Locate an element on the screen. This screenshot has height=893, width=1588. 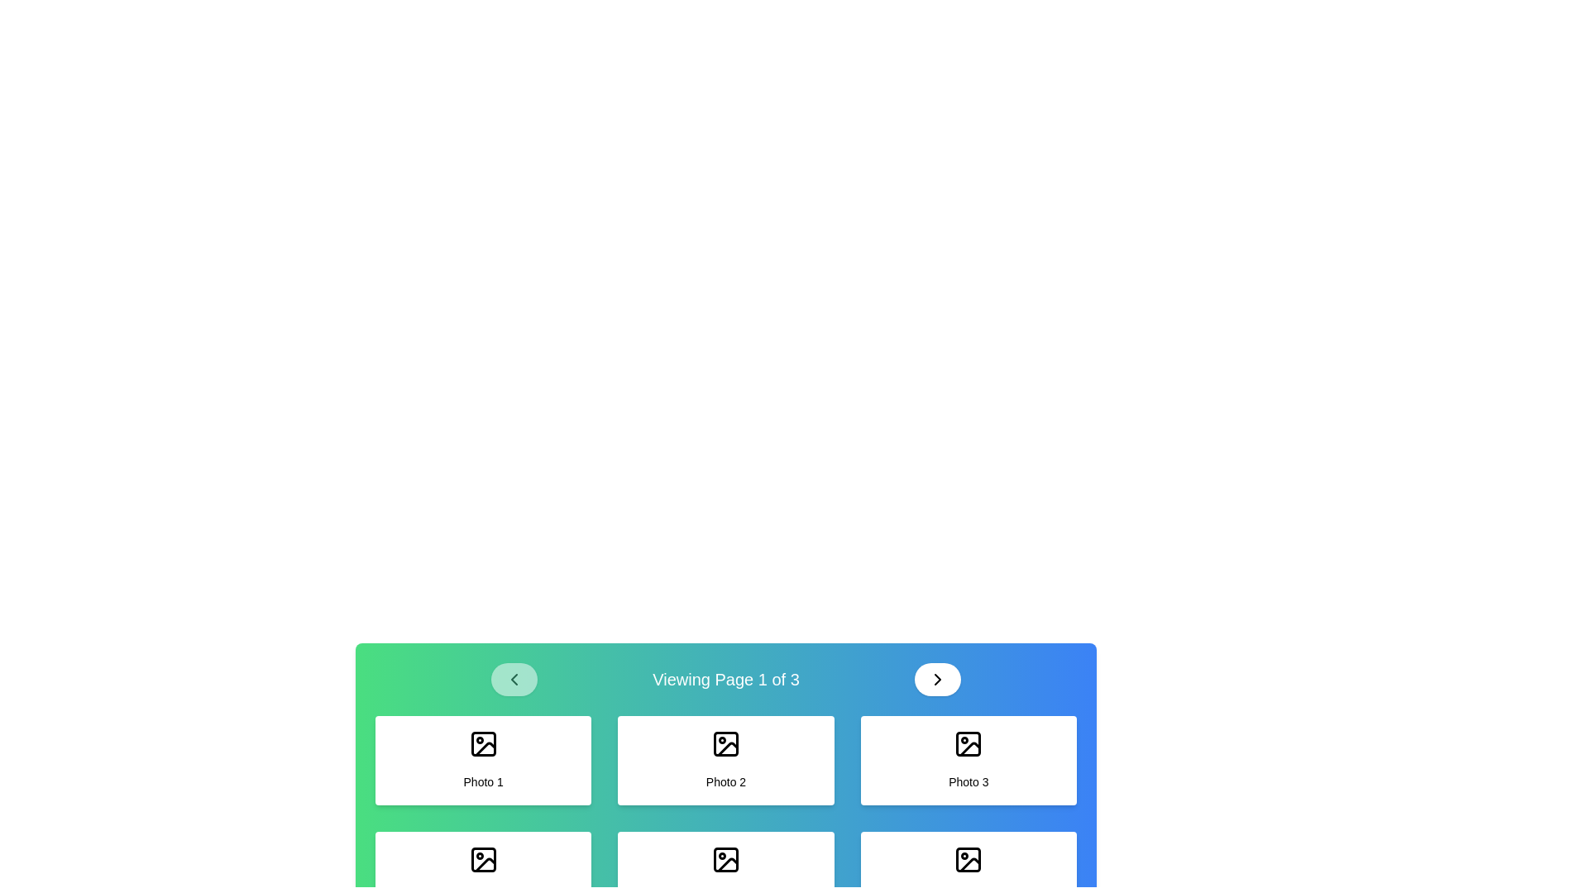
the photo icon inside the card labeled 'Photo 5', which is located in the lower center area of the grid layout is located at coordinates (726, 859).